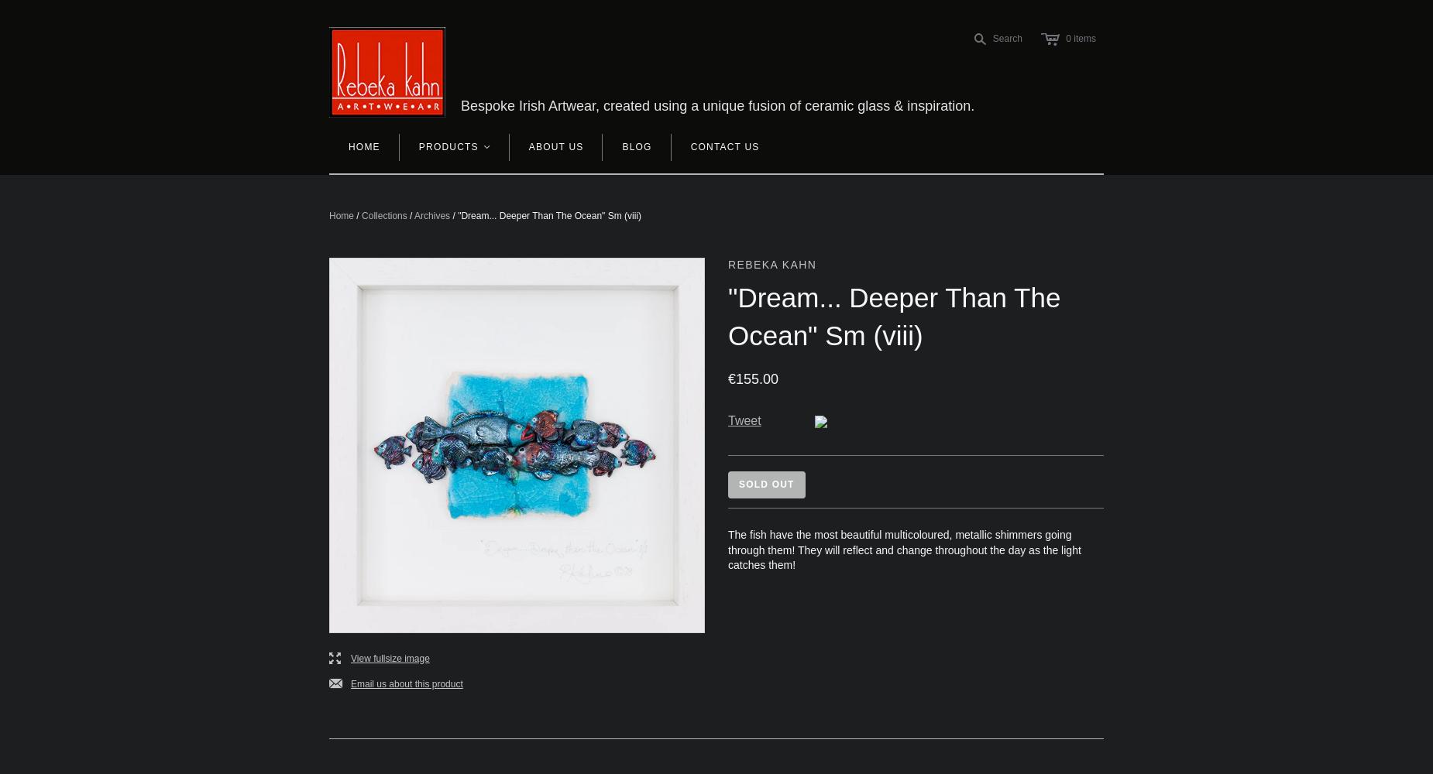 This screenshot has width=1433, height=774. Describe the element at coordinates (527, 146) in the screenshot. I see `'About Us'` at that location.